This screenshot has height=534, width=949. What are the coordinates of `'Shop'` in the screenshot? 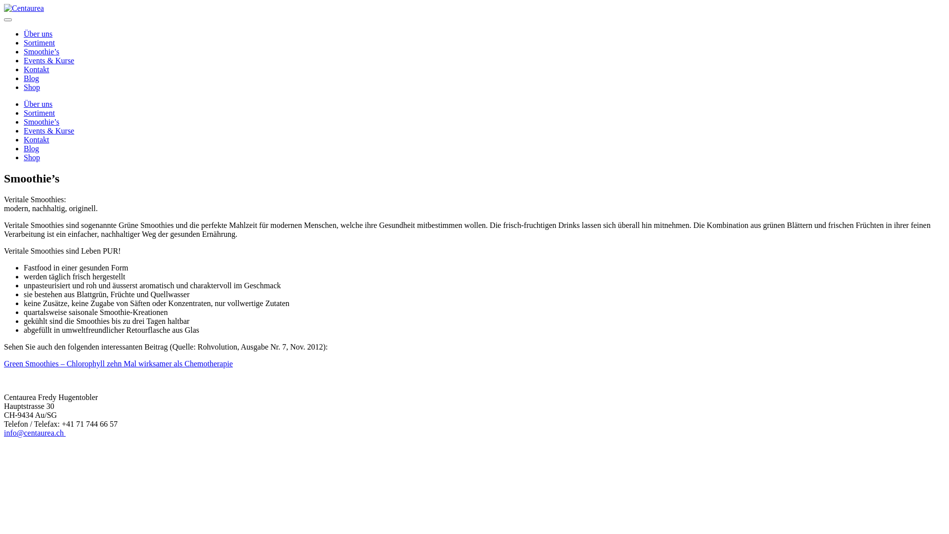 It's located at (32, 87).